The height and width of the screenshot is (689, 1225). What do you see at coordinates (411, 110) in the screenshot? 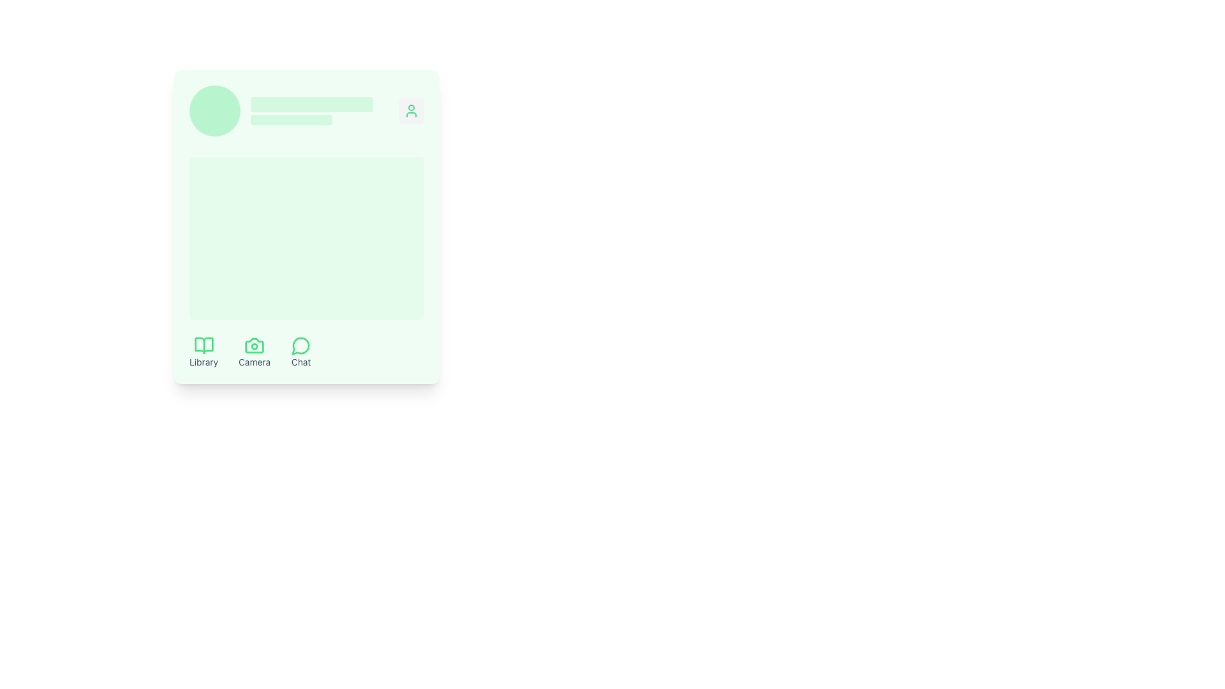
I see `the profile Icon Button located at the top right corner of the interface` at bounding box center [411, 110].